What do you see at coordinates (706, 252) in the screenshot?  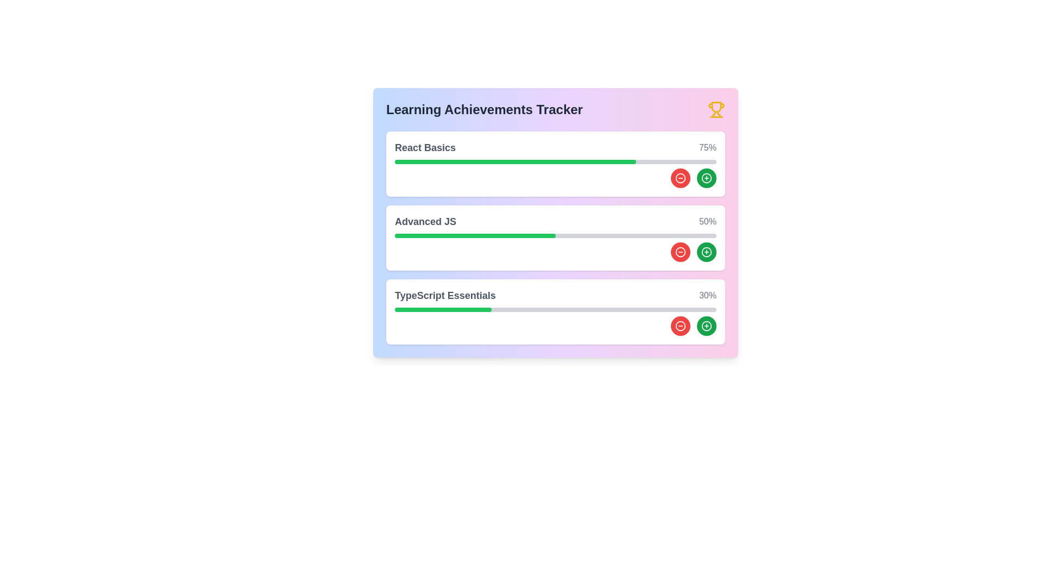 I see `the green circular button with a cross inside, located to the right of the 'Advanced JS' progress bar` at bounding box center [706, 252].